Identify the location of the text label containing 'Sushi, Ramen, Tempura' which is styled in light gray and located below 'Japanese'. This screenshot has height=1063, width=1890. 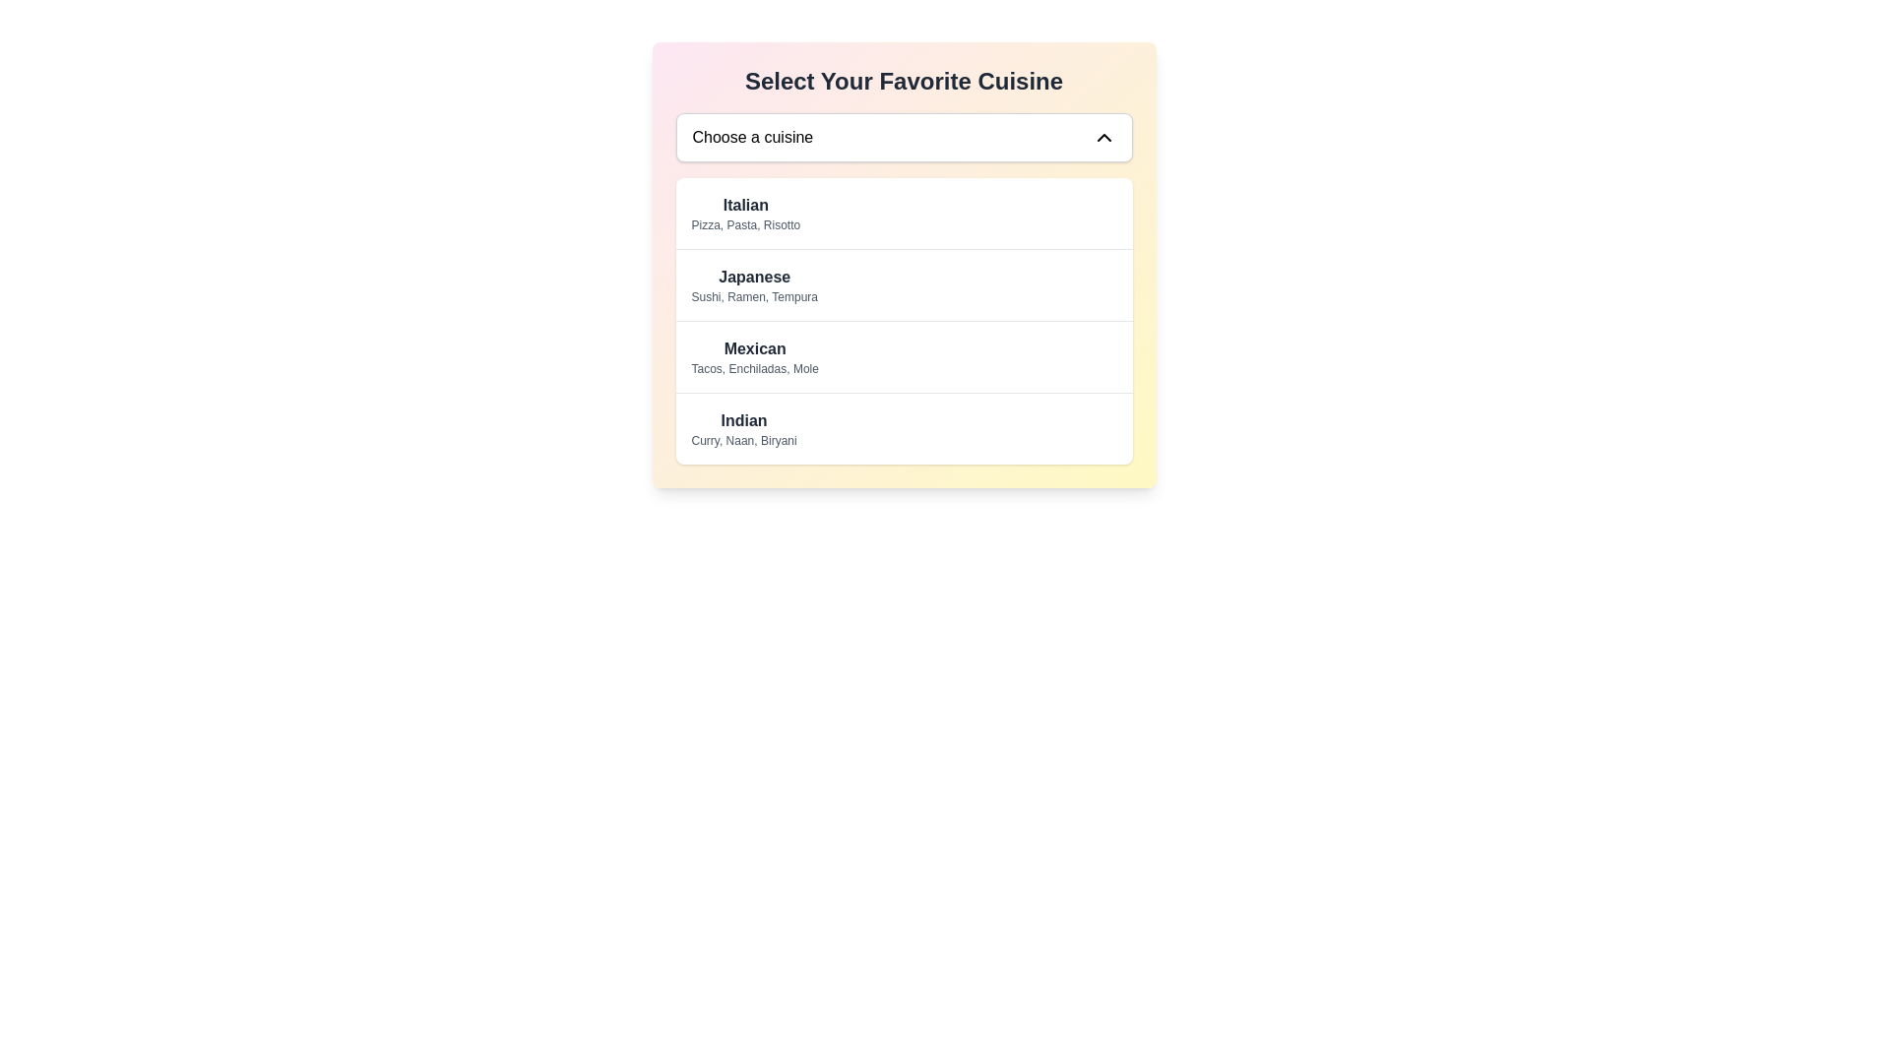
(753, 296).